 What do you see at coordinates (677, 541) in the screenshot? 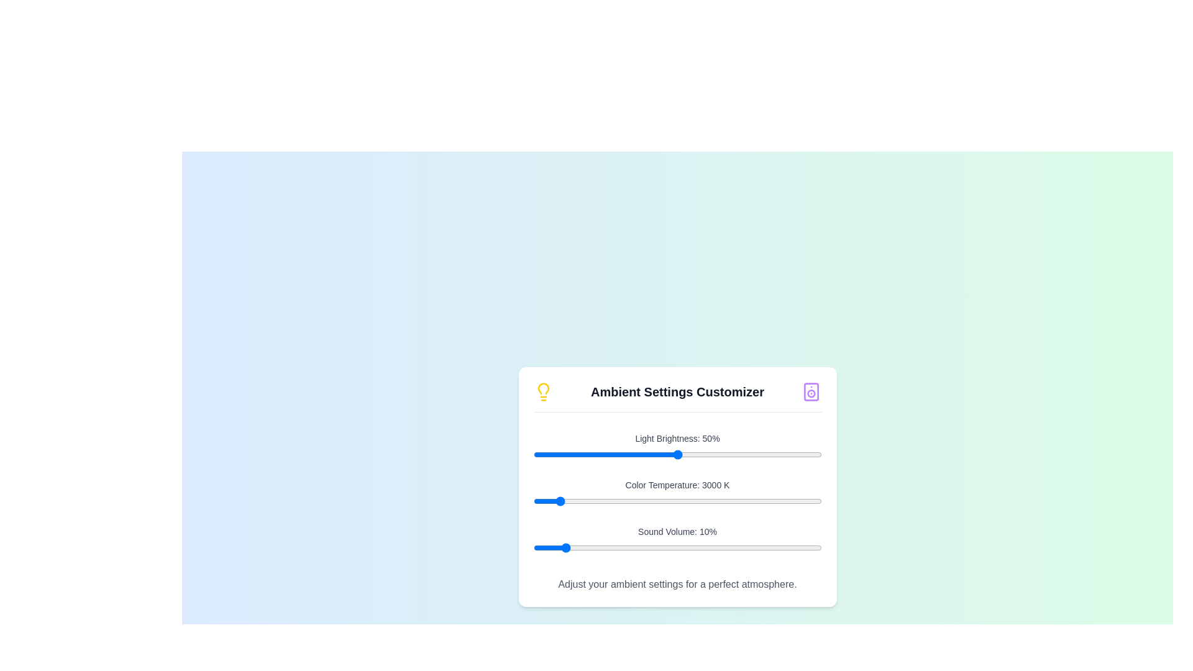
I see `directly on the volume input slider located below the 'Color Temperature: 3000 K' slider to set the volume level` at bounding box center [677, 541].